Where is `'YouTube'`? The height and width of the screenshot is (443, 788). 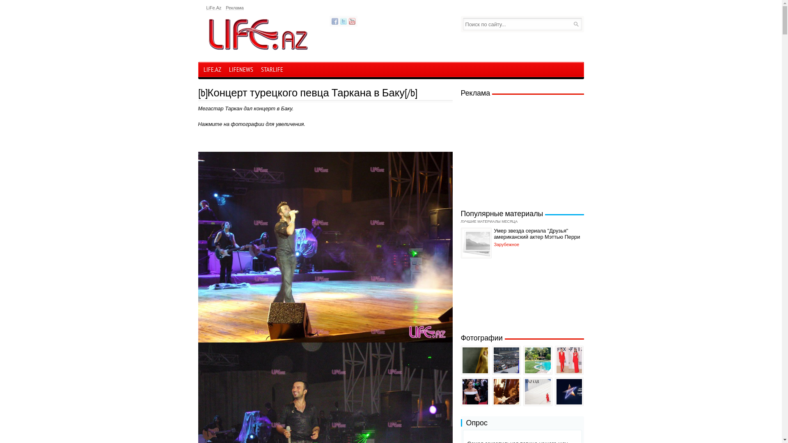 'YouTube' is located at coordinates (348, 21).